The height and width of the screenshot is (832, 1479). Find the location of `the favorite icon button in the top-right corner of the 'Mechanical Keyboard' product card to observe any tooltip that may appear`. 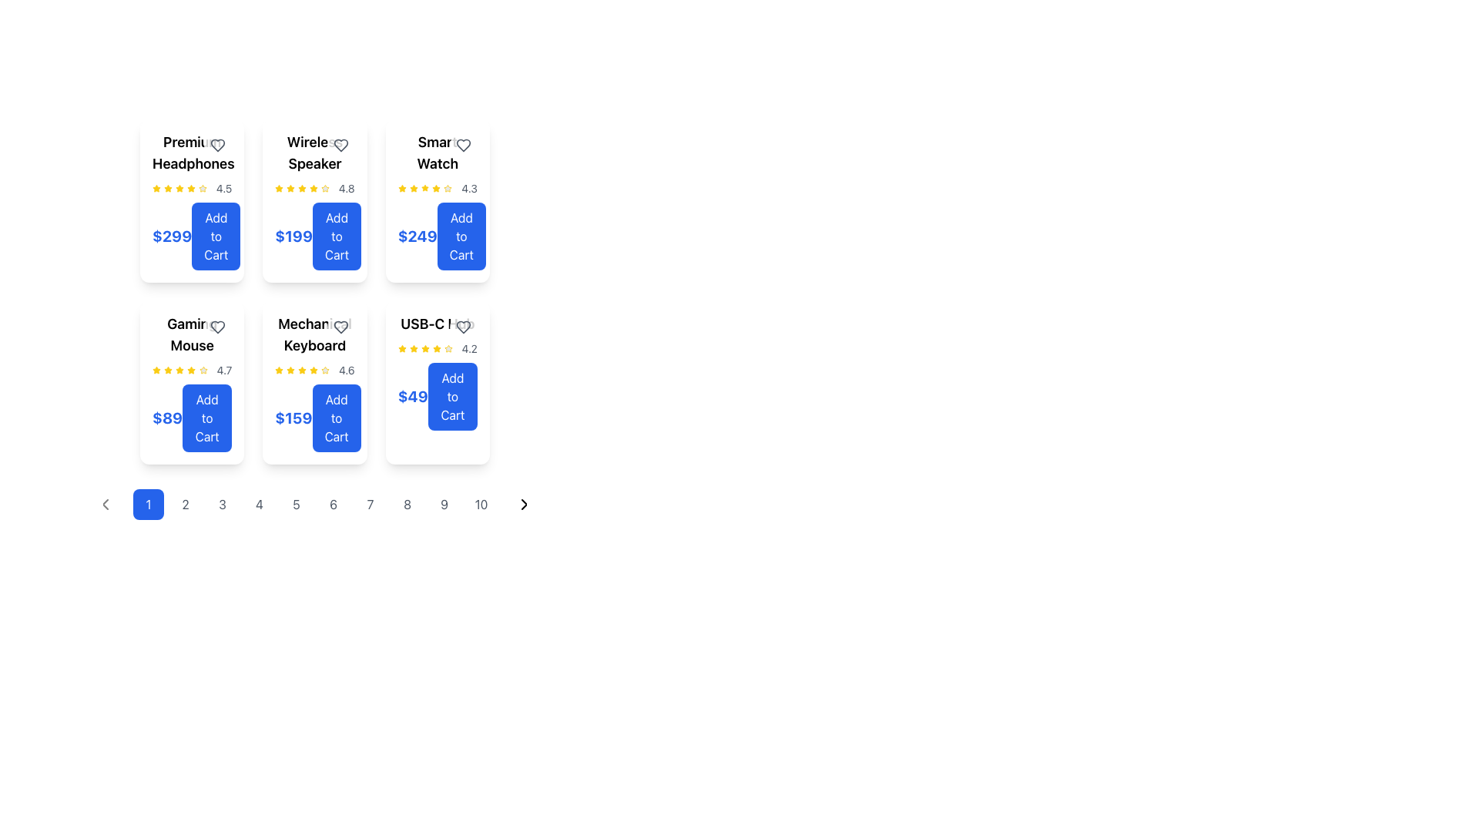

the favorite icon button in the top-right corner of the 'Mechanical Keyboard' product card to observe any tooltip that may appear is located at coordinates (340, 326).